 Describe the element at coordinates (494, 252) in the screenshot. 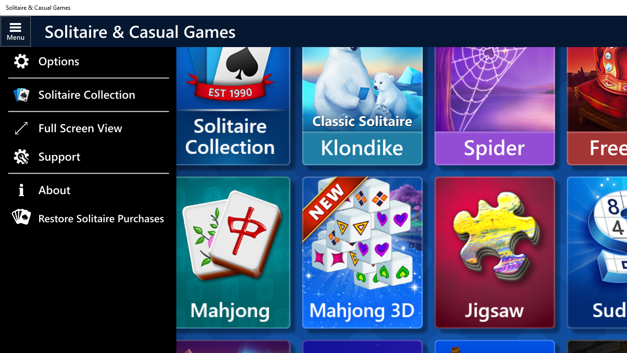

I see `'Microsoft Jigsaw'` at that location.